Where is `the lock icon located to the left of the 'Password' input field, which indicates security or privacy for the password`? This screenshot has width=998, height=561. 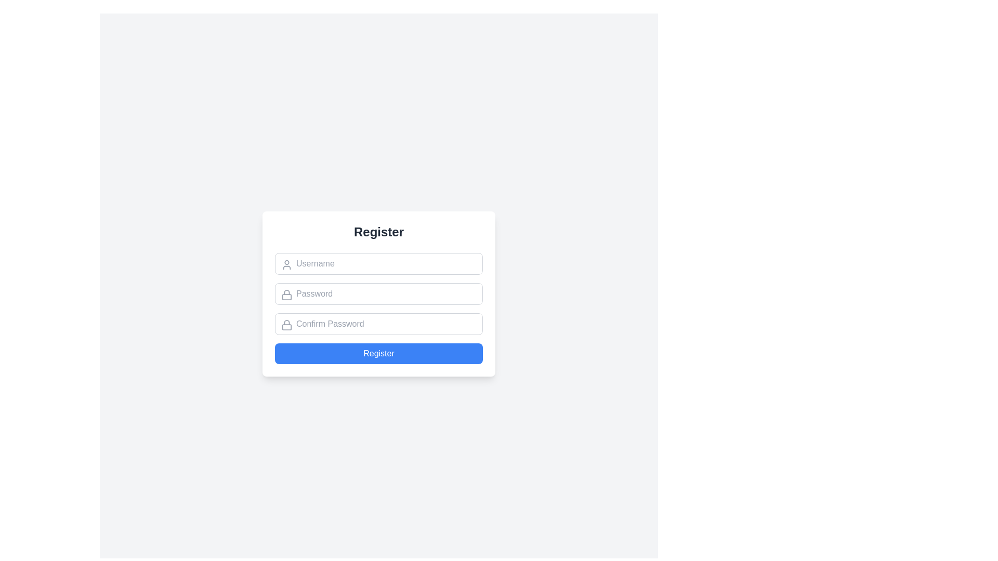 the lock icon located to the left of the 'Password' input field, which indicates security or privacy for the password is located at coordinates (287, 295).